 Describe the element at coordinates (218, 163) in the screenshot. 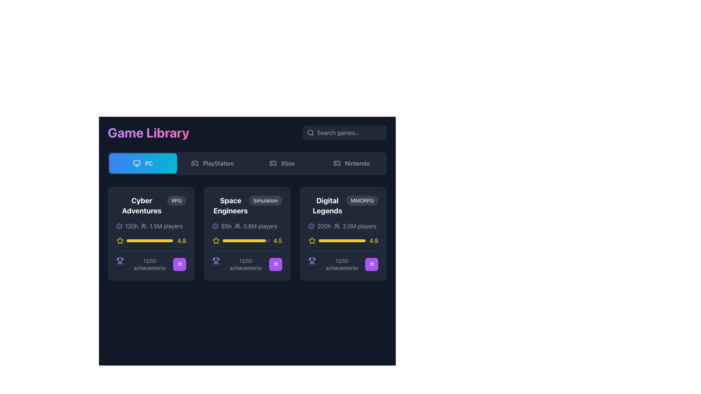

I see `the 'PlayStation' text button in the navigation menu` at that location.